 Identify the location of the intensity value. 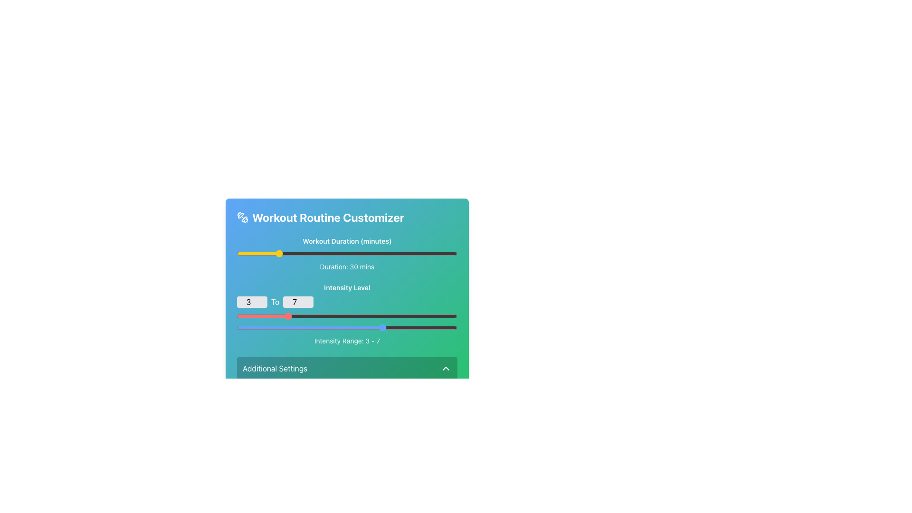
(285, 327).